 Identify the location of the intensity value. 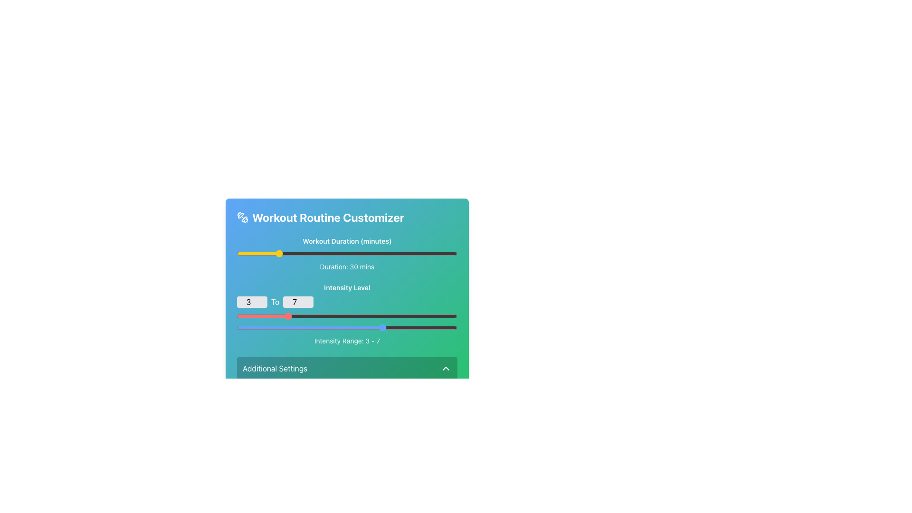
(285, 327).